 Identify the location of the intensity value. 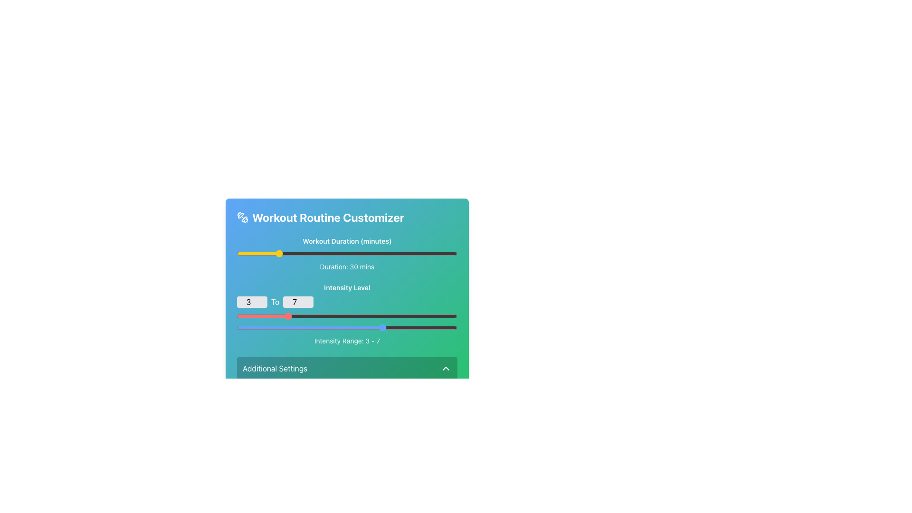
(285, 327).